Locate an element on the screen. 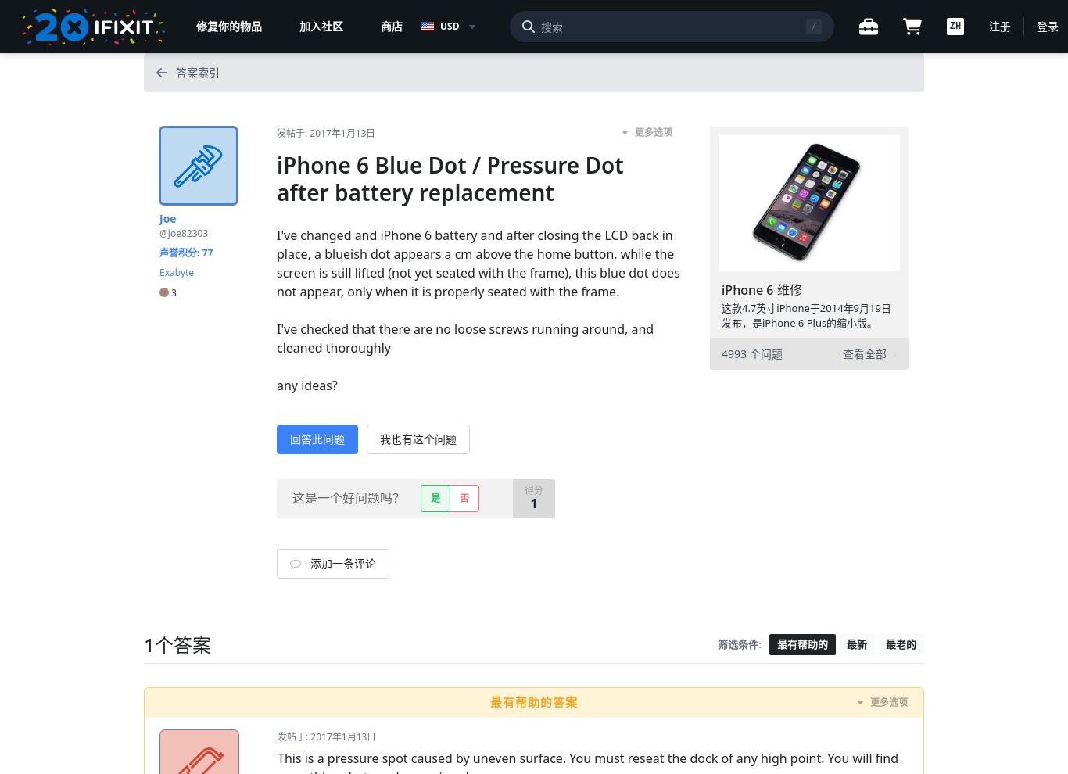  'Joe' is located at coordinates (167, 218).